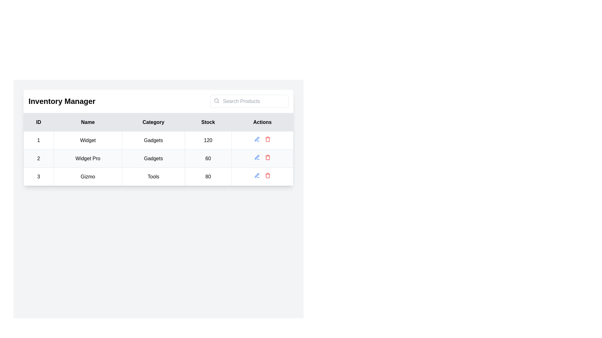 The width and height of the screenshot is (602, 338). Describe the element at coordinates (217, 100) in the screenshot. I see `the Search Magnifier icon located on the left side of the search bar input field` at that location.